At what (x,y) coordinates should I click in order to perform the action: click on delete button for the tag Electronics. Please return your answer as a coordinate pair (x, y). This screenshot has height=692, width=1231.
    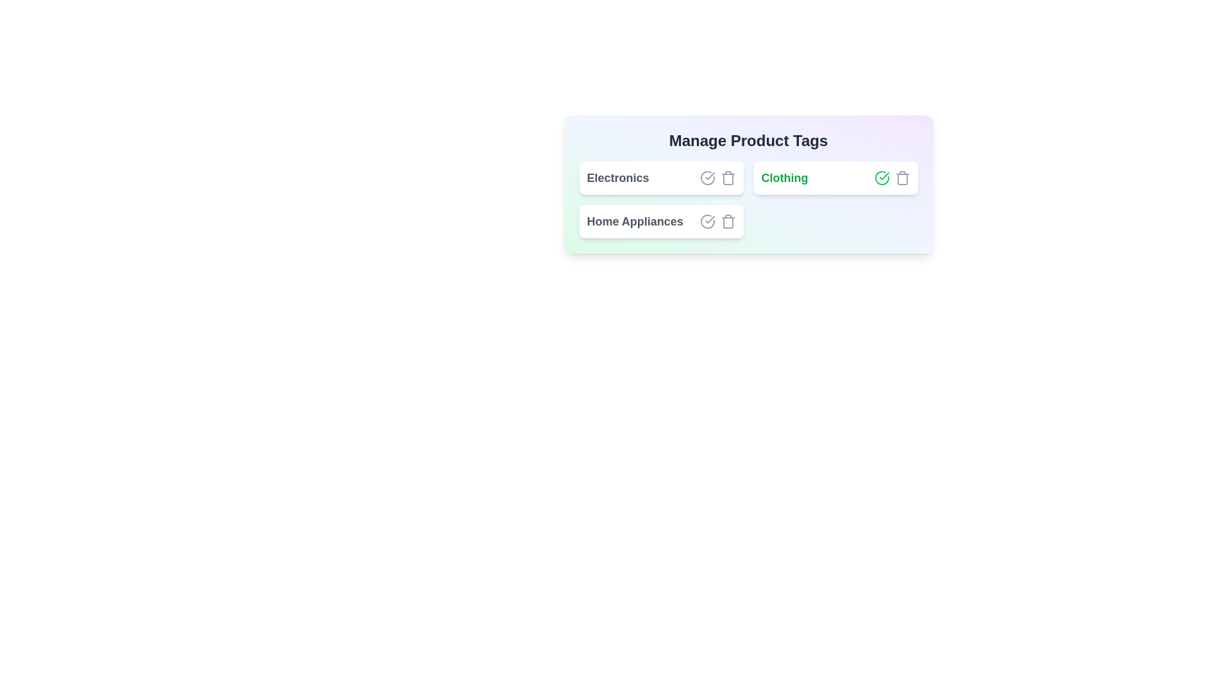
    Looking at the image, I should click on (728, 177).